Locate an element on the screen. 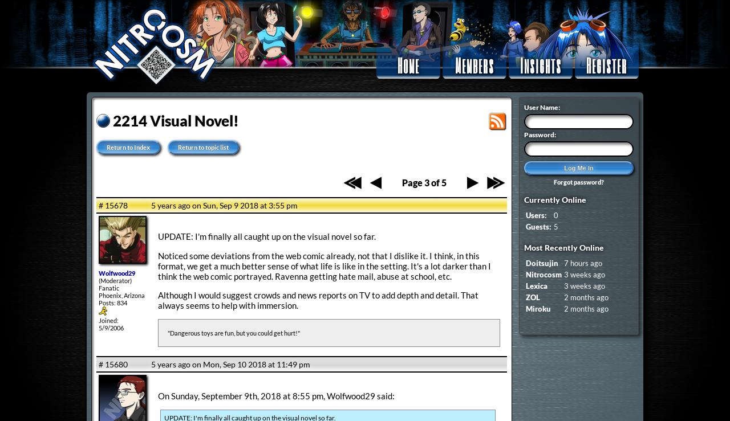  'Nitrocosm' is located at coordinates (543, 273).